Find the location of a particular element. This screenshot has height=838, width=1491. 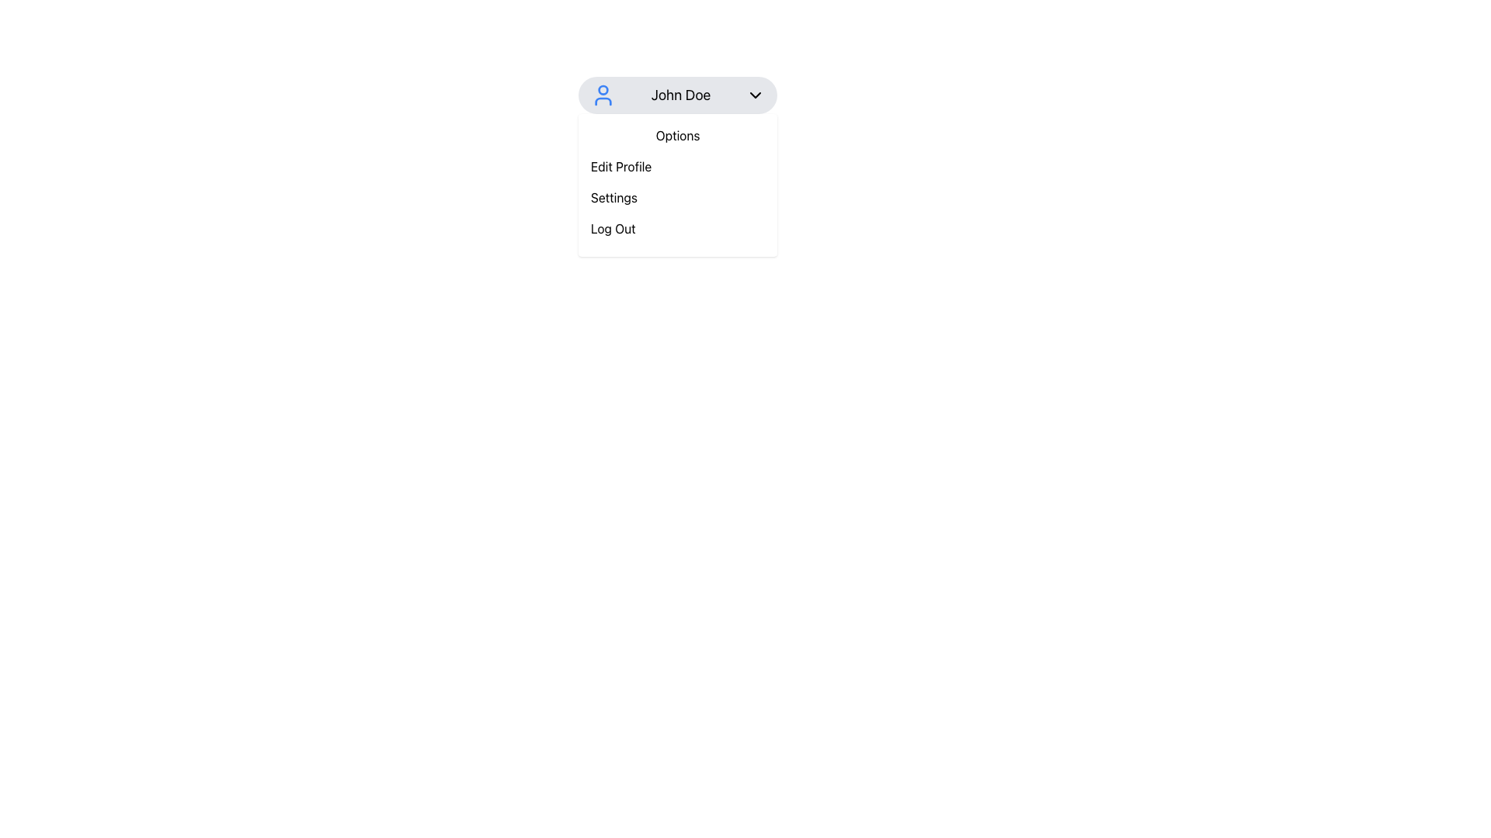

the button with the gray background, user avatar icon on the left, and the name 'John Doe' in bold text is located at coordinates (678, 95).